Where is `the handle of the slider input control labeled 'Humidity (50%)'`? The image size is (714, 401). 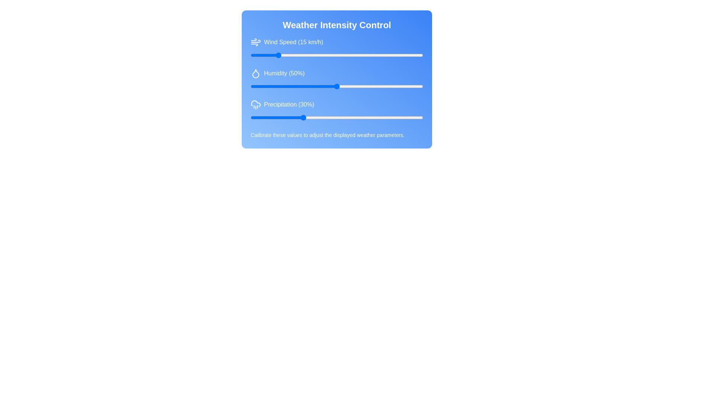 the handle of the slider input control labeled 'Humidity (50%)' is located at coordinates (337, 86).